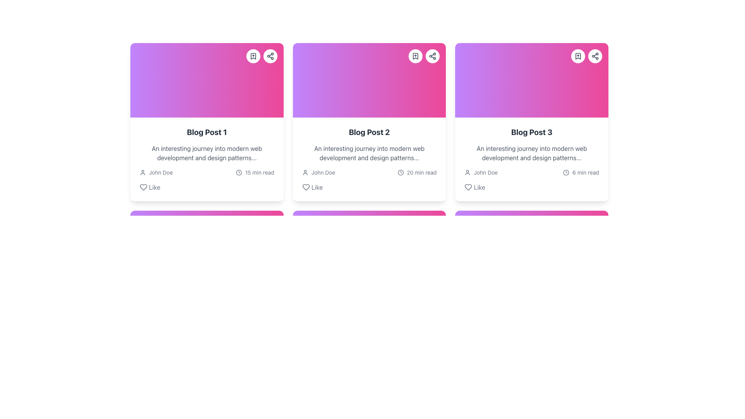 This screenshot has height=419, width=745. I want to click on the circular share button with a white background and a border located in the top-right corner of the first blog post card, so click(270, 56).